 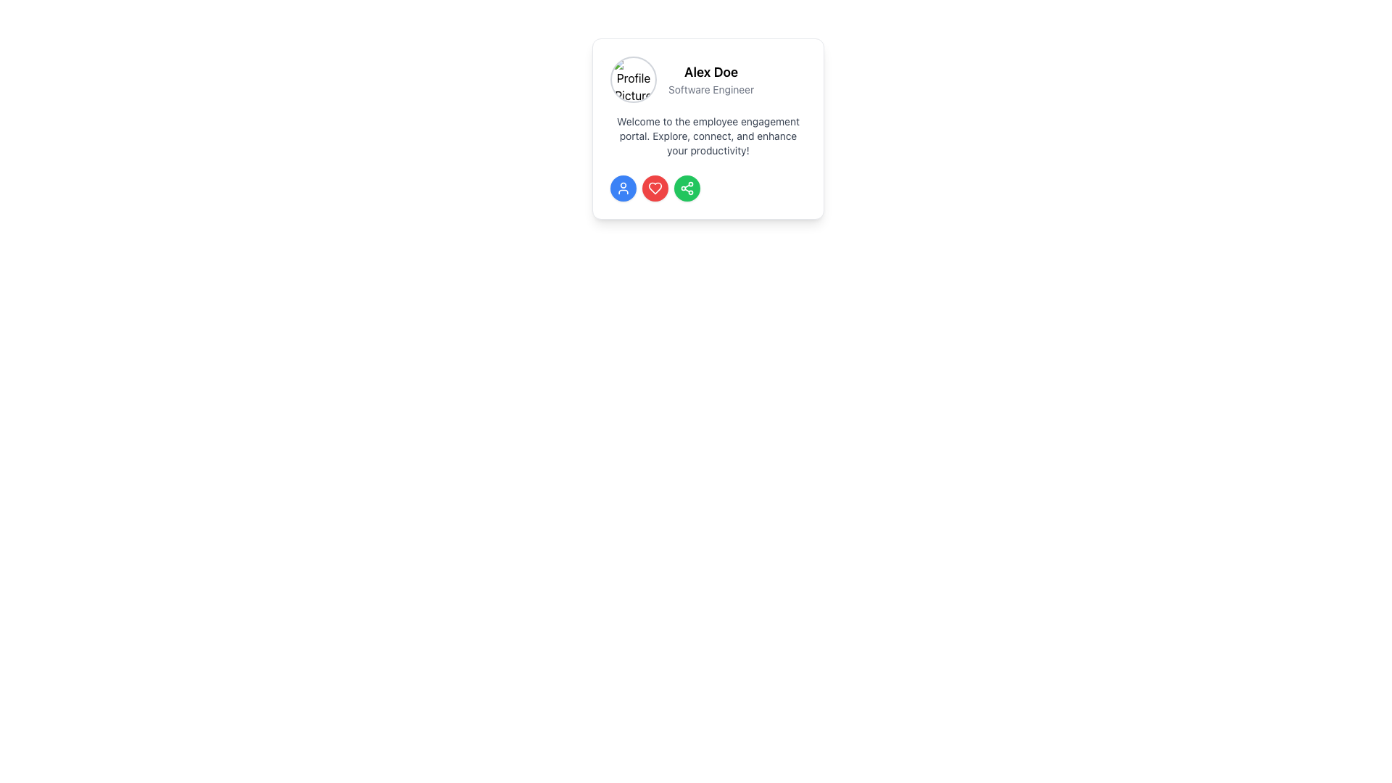 I want to click on text content 'Alex Doe' displayed prominently as part of the profile card, located in the top right section of the card layout, above the subtitle 'Software Engineer', so click(x=711, y=72).